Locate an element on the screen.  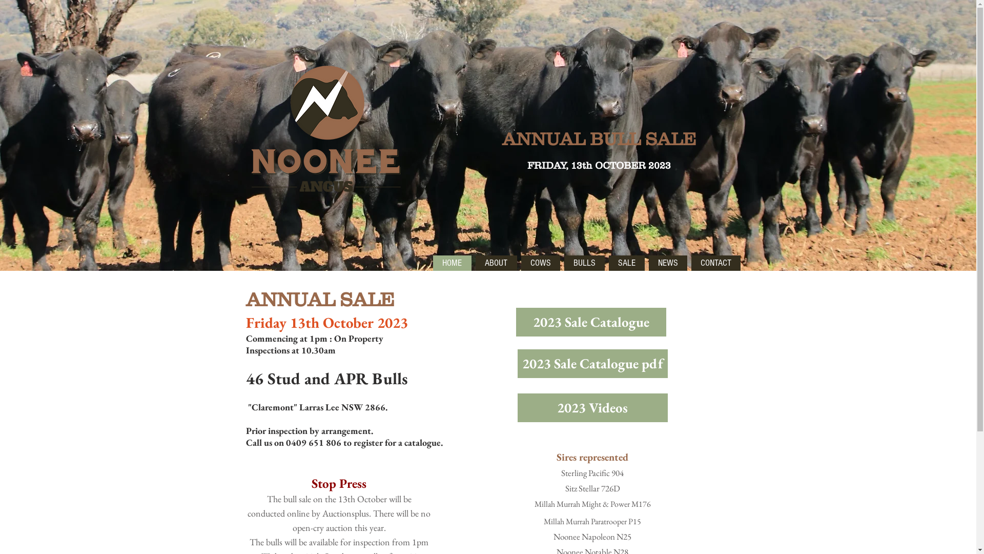
'BULLS' is located at coordinates (584, 263).